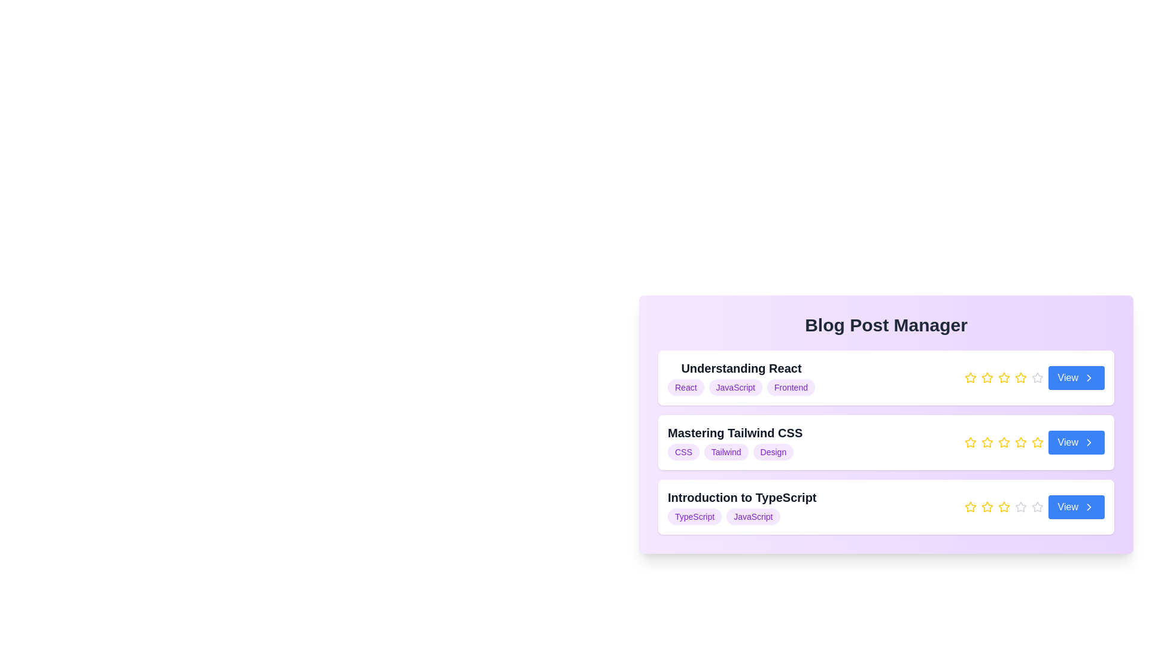 This screenshot has width=1149, height=646. Describe the element at coordinates (1036, 378) in the screenshot. I see `the sixth star icon in the rating system for the 'Understanding React' card to provide interaction feedback` at that location.